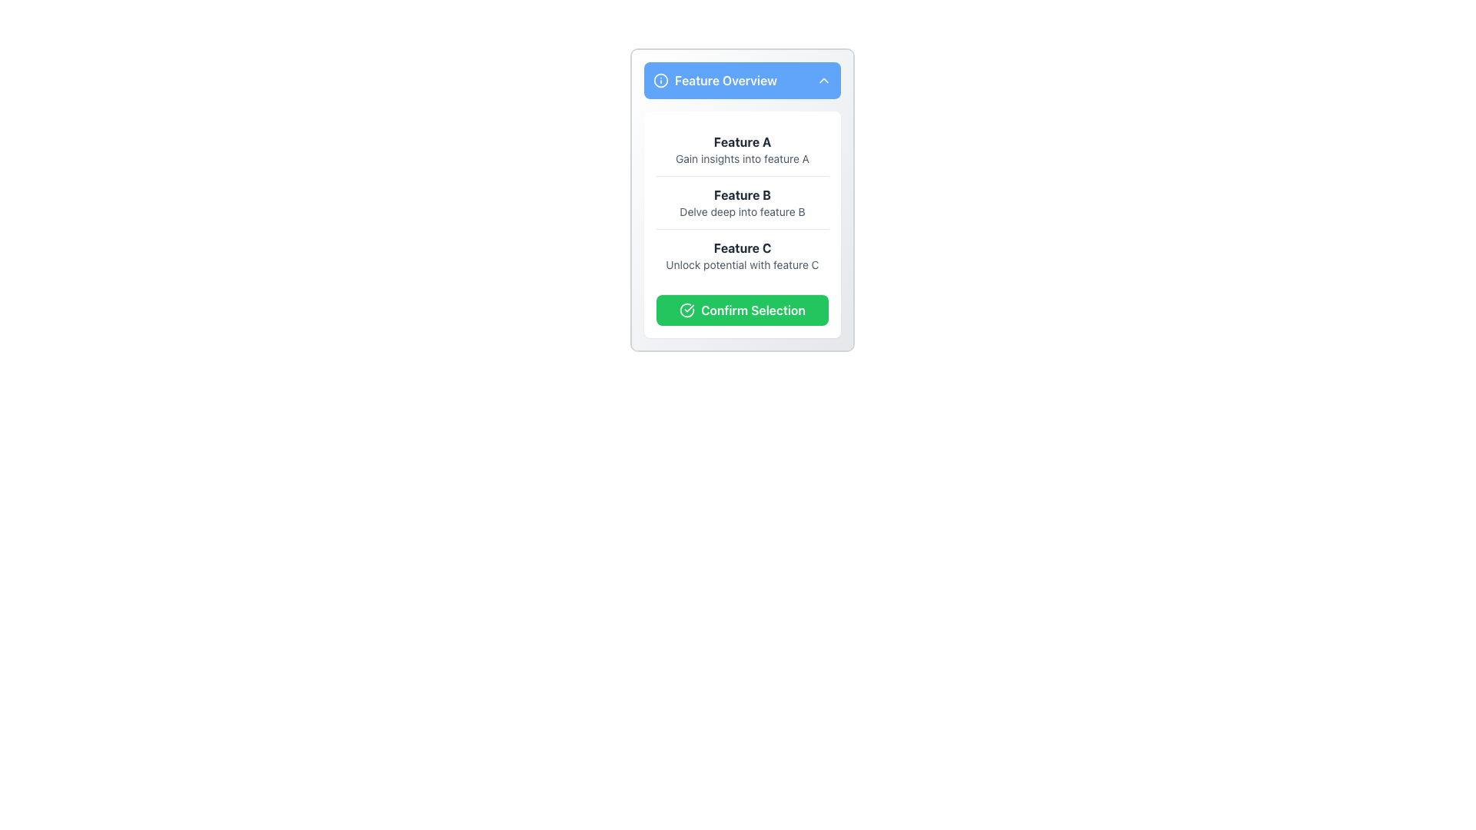 Image resolution: width=1476 pixels, height=830 pixels. What do you see at coordinates (660, 80) in the screenshot?
I see `the circular SVG graphical element that is part of the icon associated with the 'Feature Overview' header` at bounding box center [660, 80].